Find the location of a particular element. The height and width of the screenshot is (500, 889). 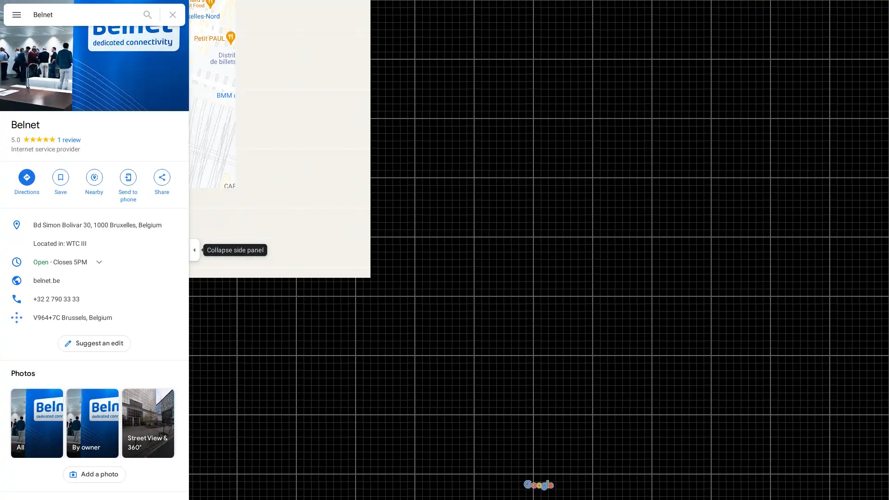

Street View & 360 is located at coordinates (148, 423).